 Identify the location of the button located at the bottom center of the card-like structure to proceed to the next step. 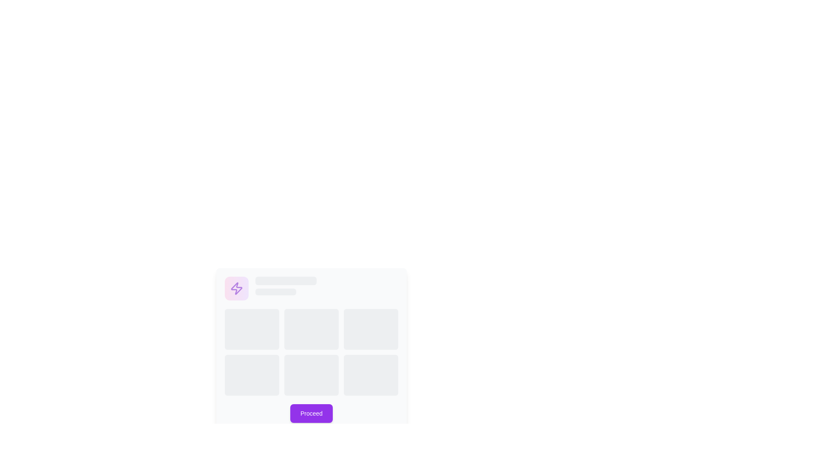
(311, 413).